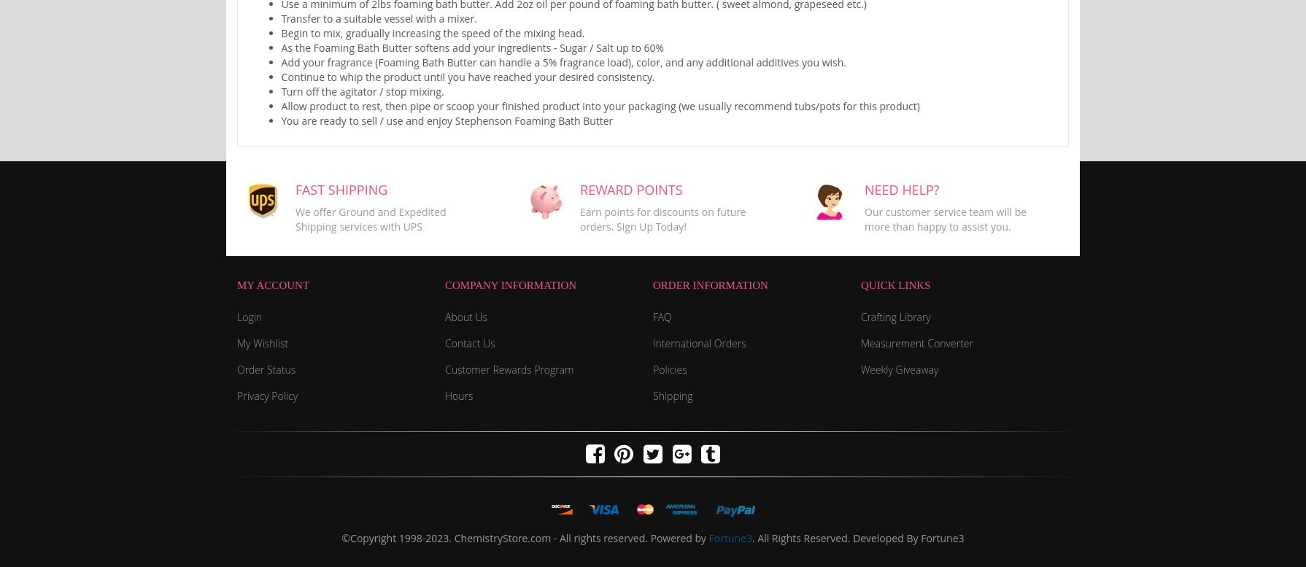  I want to click on 'My Wishlist', so click(262, 343).